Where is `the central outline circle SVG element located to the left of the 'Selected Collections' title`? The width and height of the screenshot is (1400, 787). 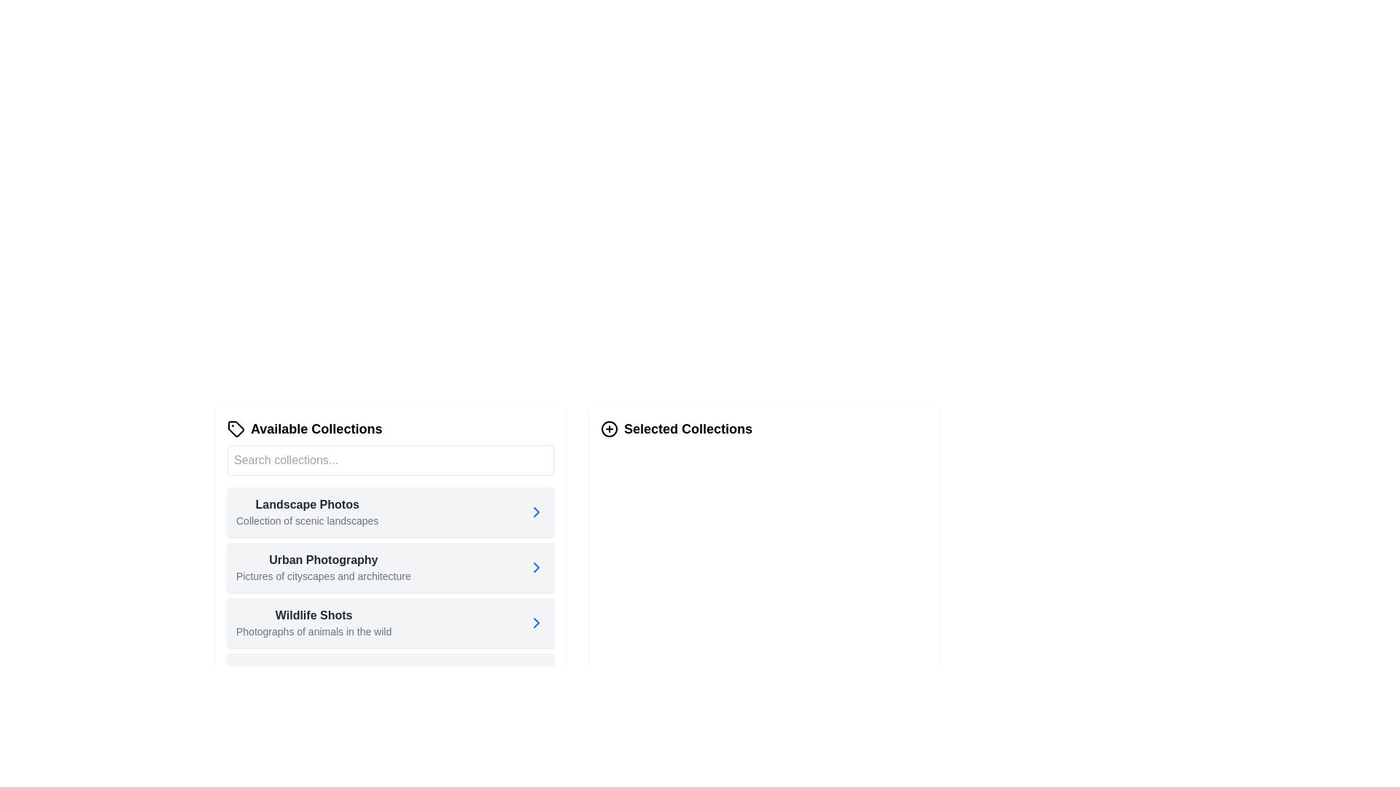 the central outline circle SVG element located to the left of the 'Selected Collections' title is located at coordinates (609, 428).